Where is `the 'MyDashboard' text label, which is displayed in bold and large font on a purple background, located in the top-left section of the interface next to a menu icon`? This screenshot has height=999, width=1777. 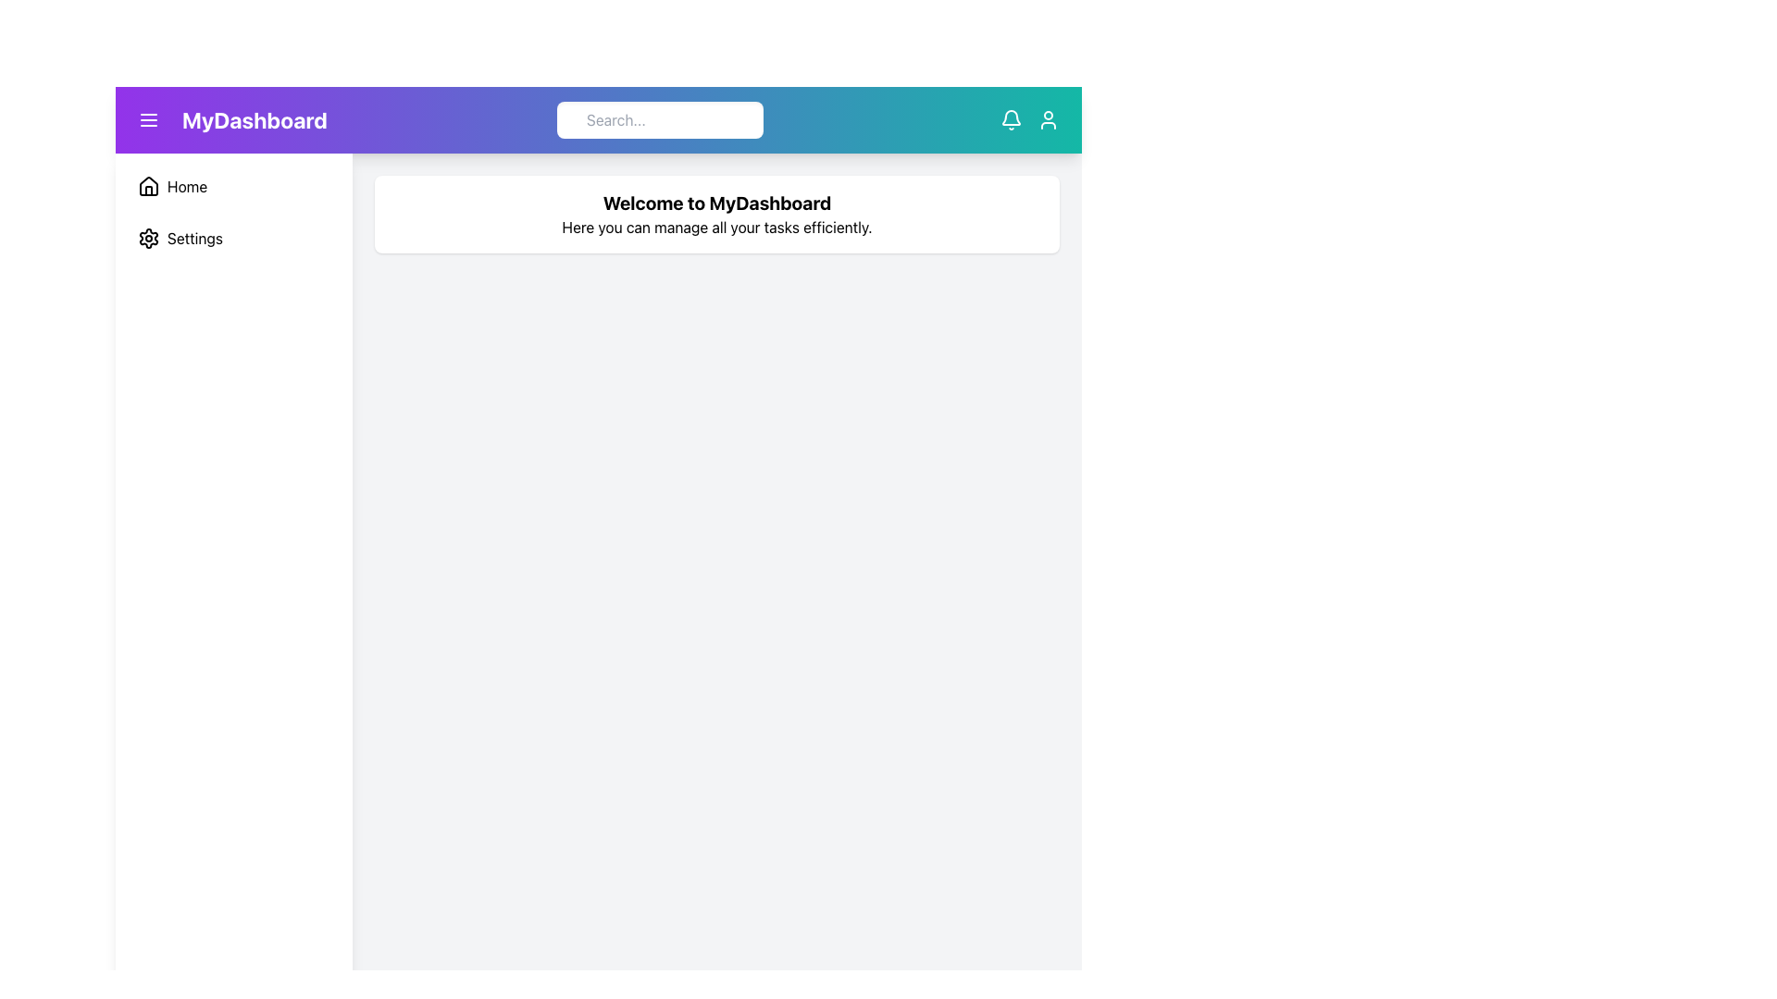 the 'MyDashboard' text label, which is displayed in bold and large font on a purple background, located in the top-left section of the interface next to a menu icon is located at coordinates (228, 120).